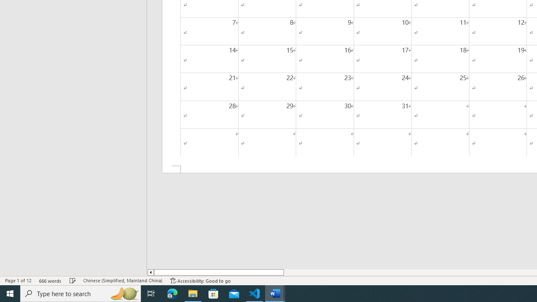 The height and width of the screenshot is (302, 537). What do you see at coordinates (50, 281) in the screenshot?
I see `'Word Count 666 words'` at bounding box center [50, 281].